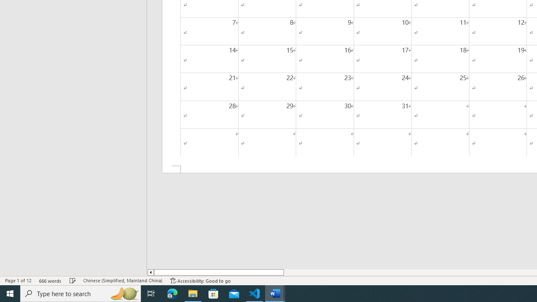 The height and width of the screenshot is (302, 537). What do you see at coordinates (50, 281) in the screenshot?
I see `'Word Count 666 words'` at bounding box center [50, 281].